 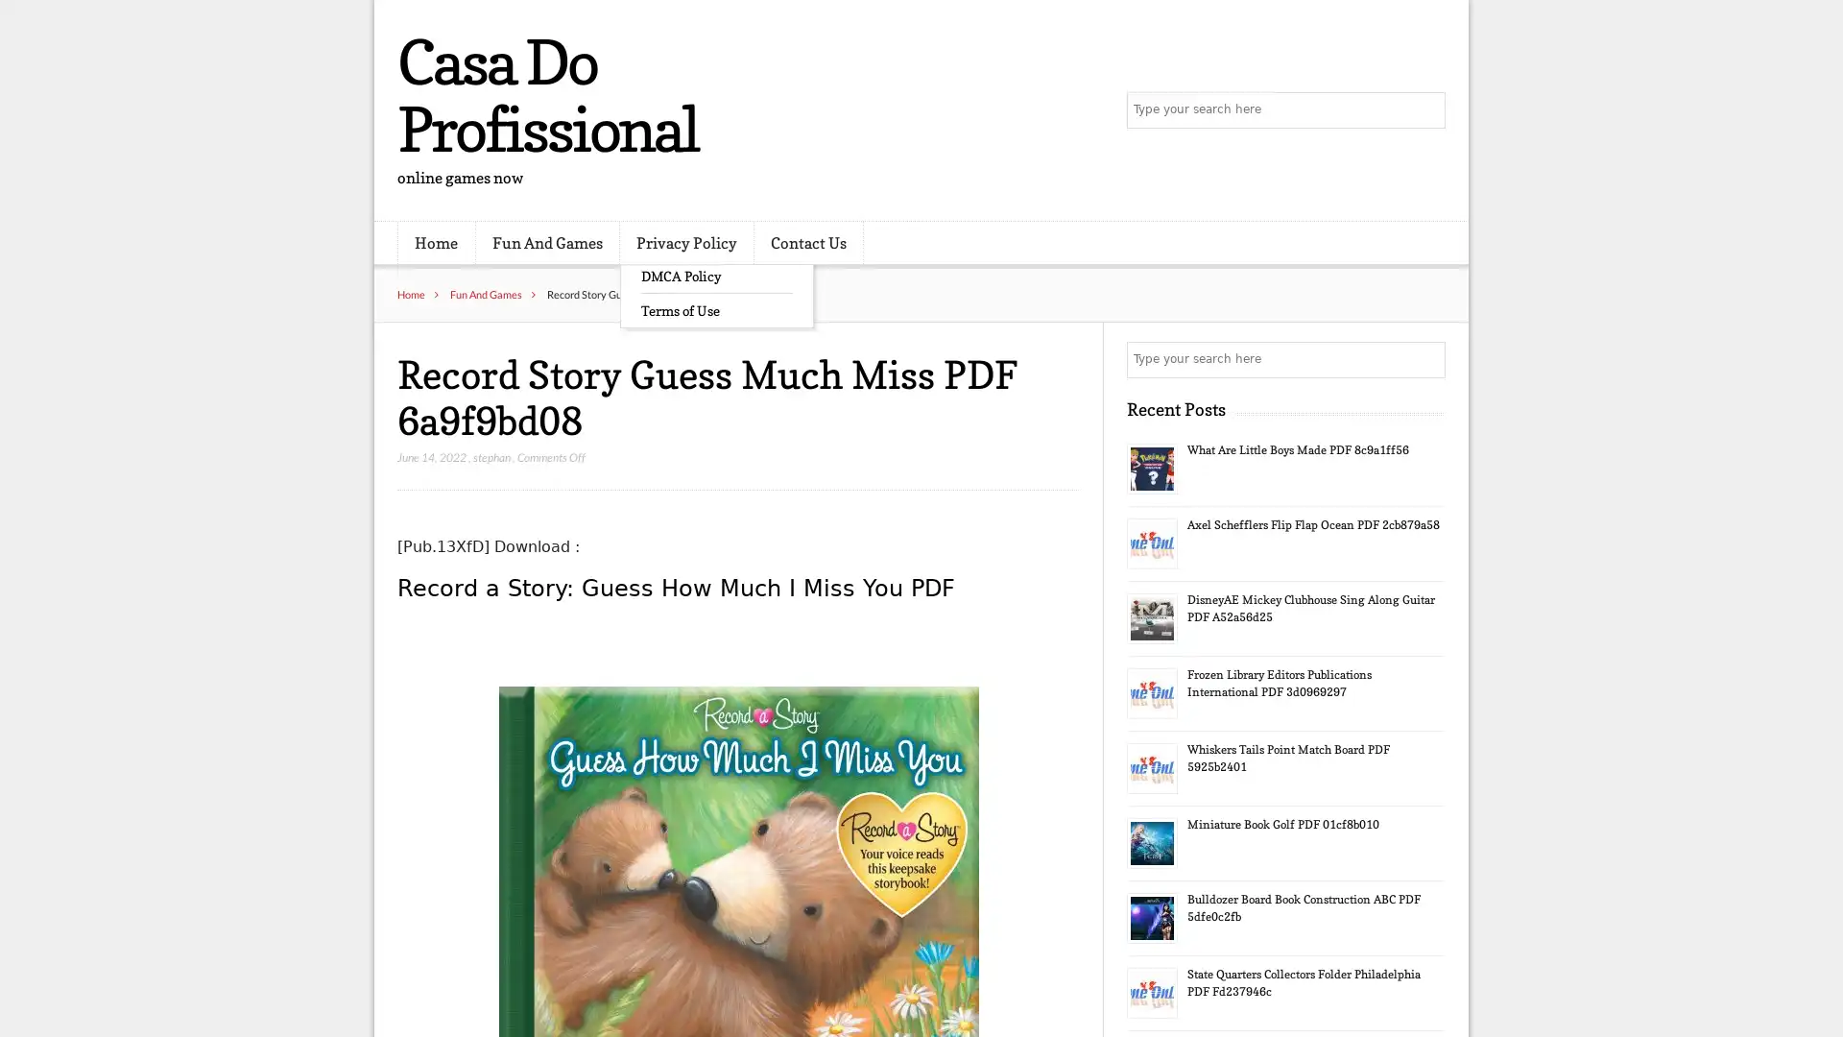 I want to click on Search, so click(x=1425, y=110).